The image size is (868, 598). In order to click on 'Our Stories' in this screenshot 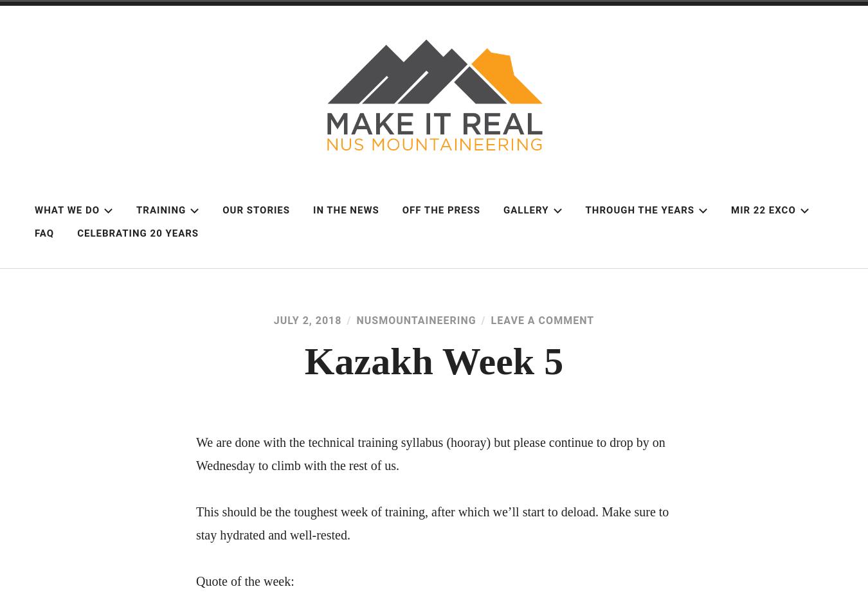, I will do `click(256, 209)`.